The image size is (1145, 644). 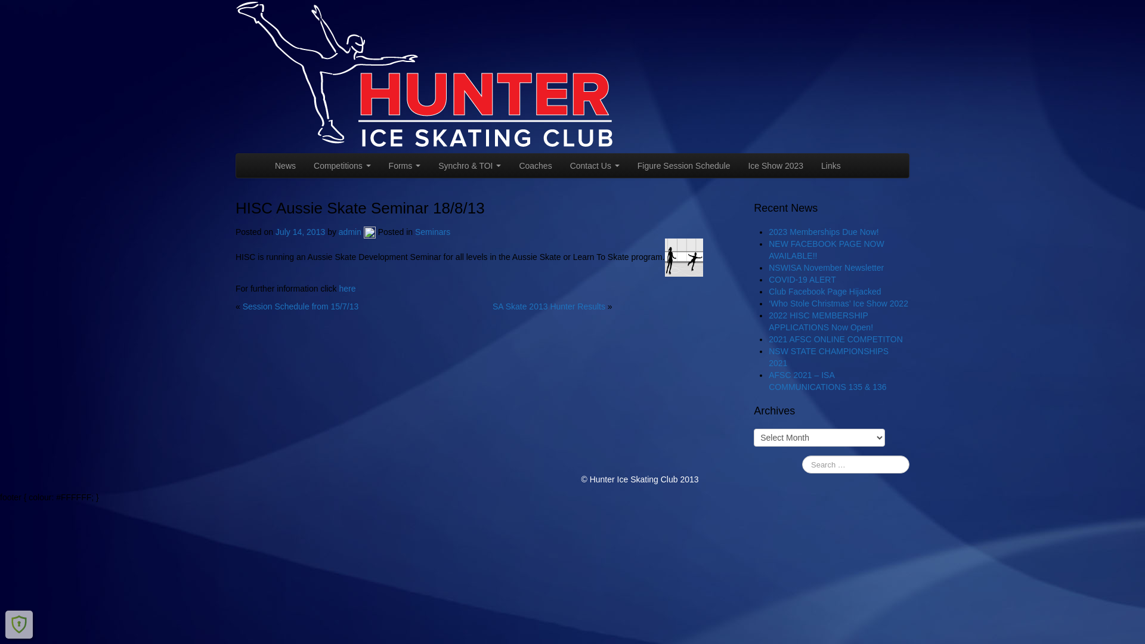 I want to click on 'Contact Us', so click(x=595, y=165).